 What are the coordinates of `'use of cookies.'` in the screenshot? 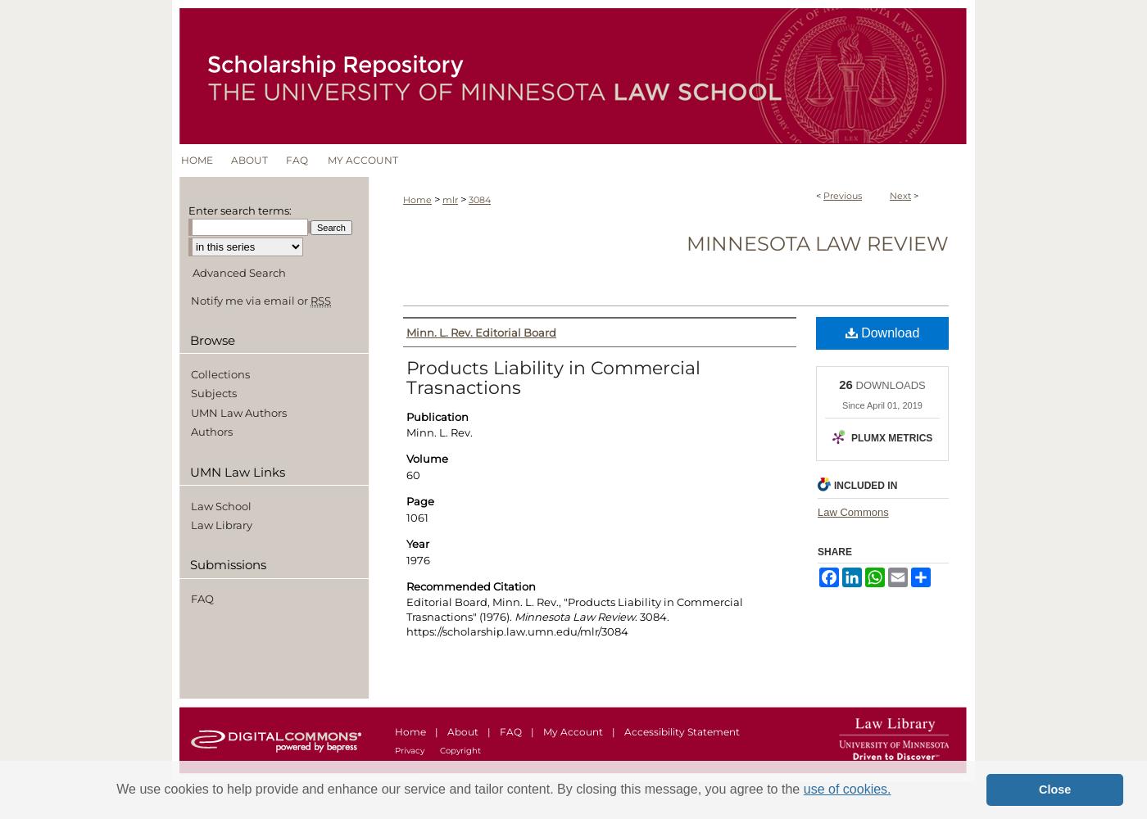 It's located at (802, 788).